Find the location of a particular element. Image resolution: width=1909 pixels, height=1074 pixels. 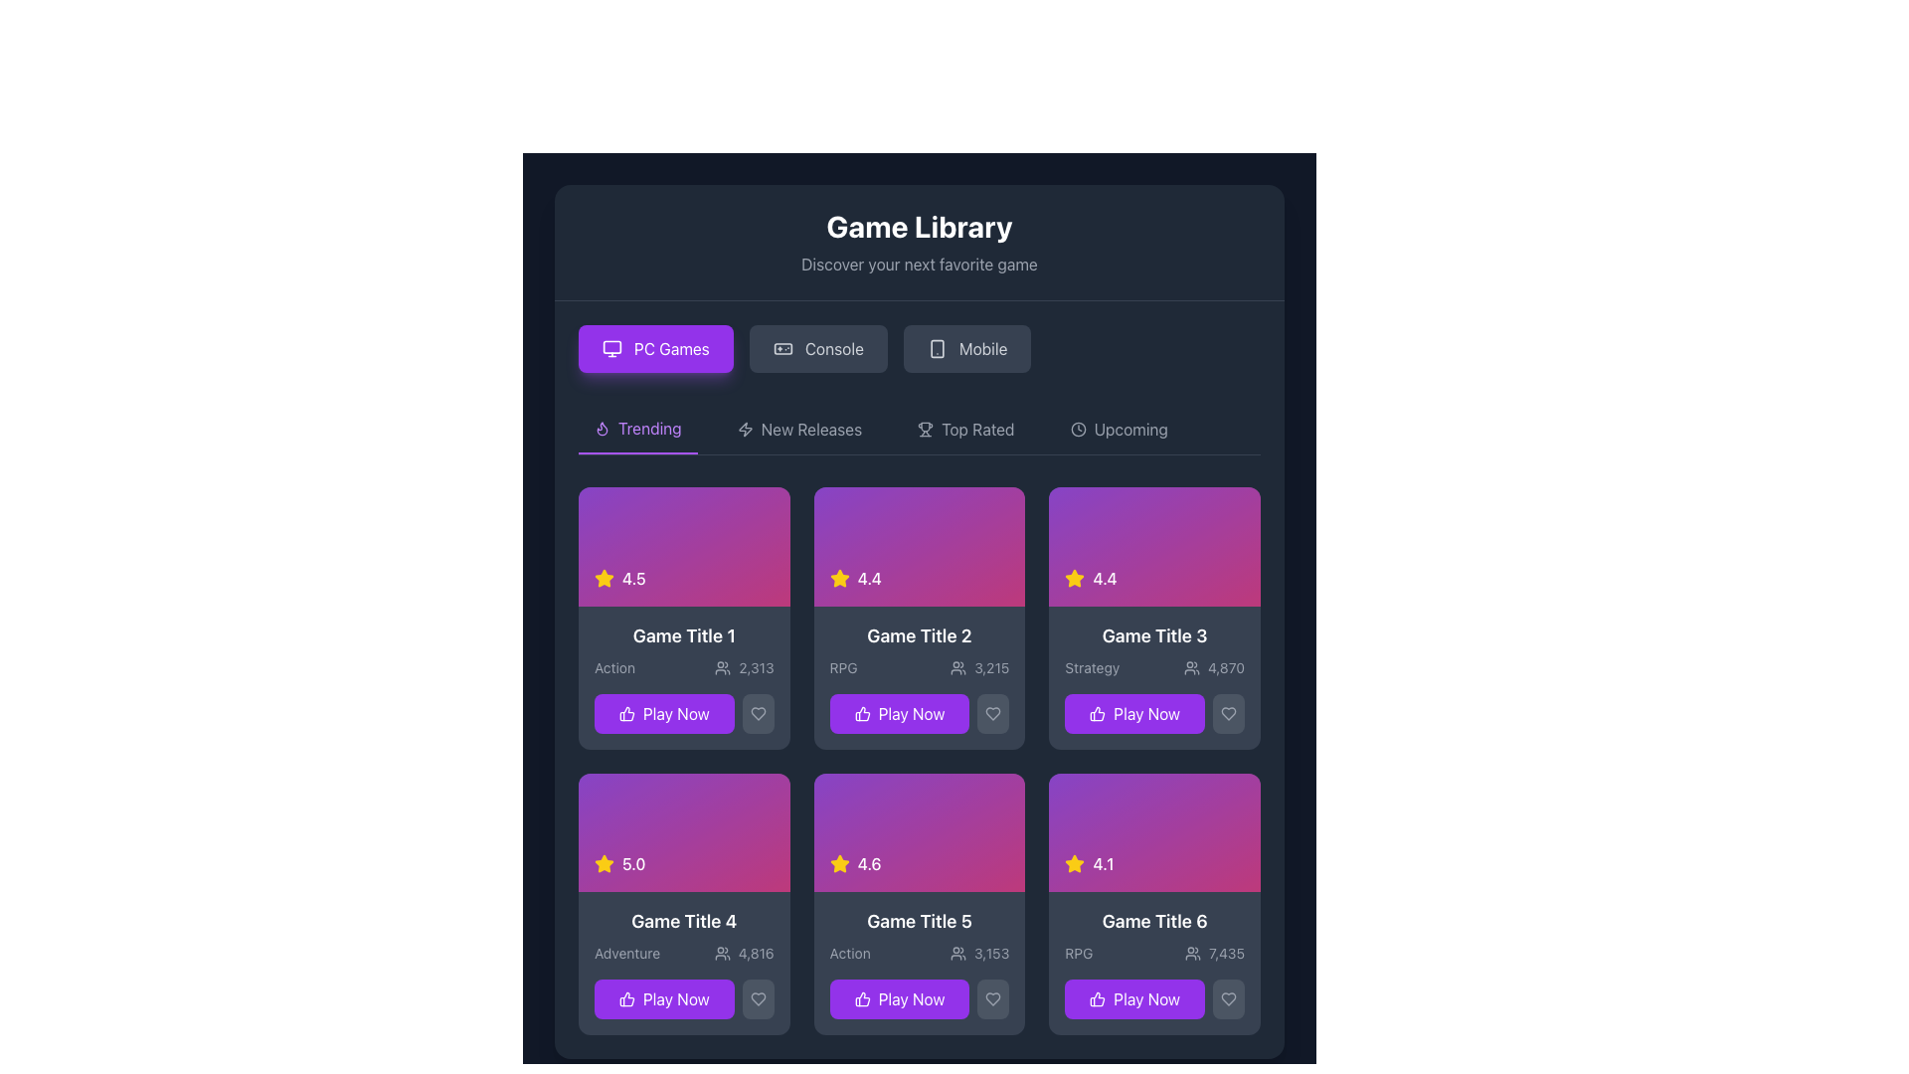

the favorite button located in the bottom-right corner of the 'Game Title 1' card is located at coordinates (757, 712).